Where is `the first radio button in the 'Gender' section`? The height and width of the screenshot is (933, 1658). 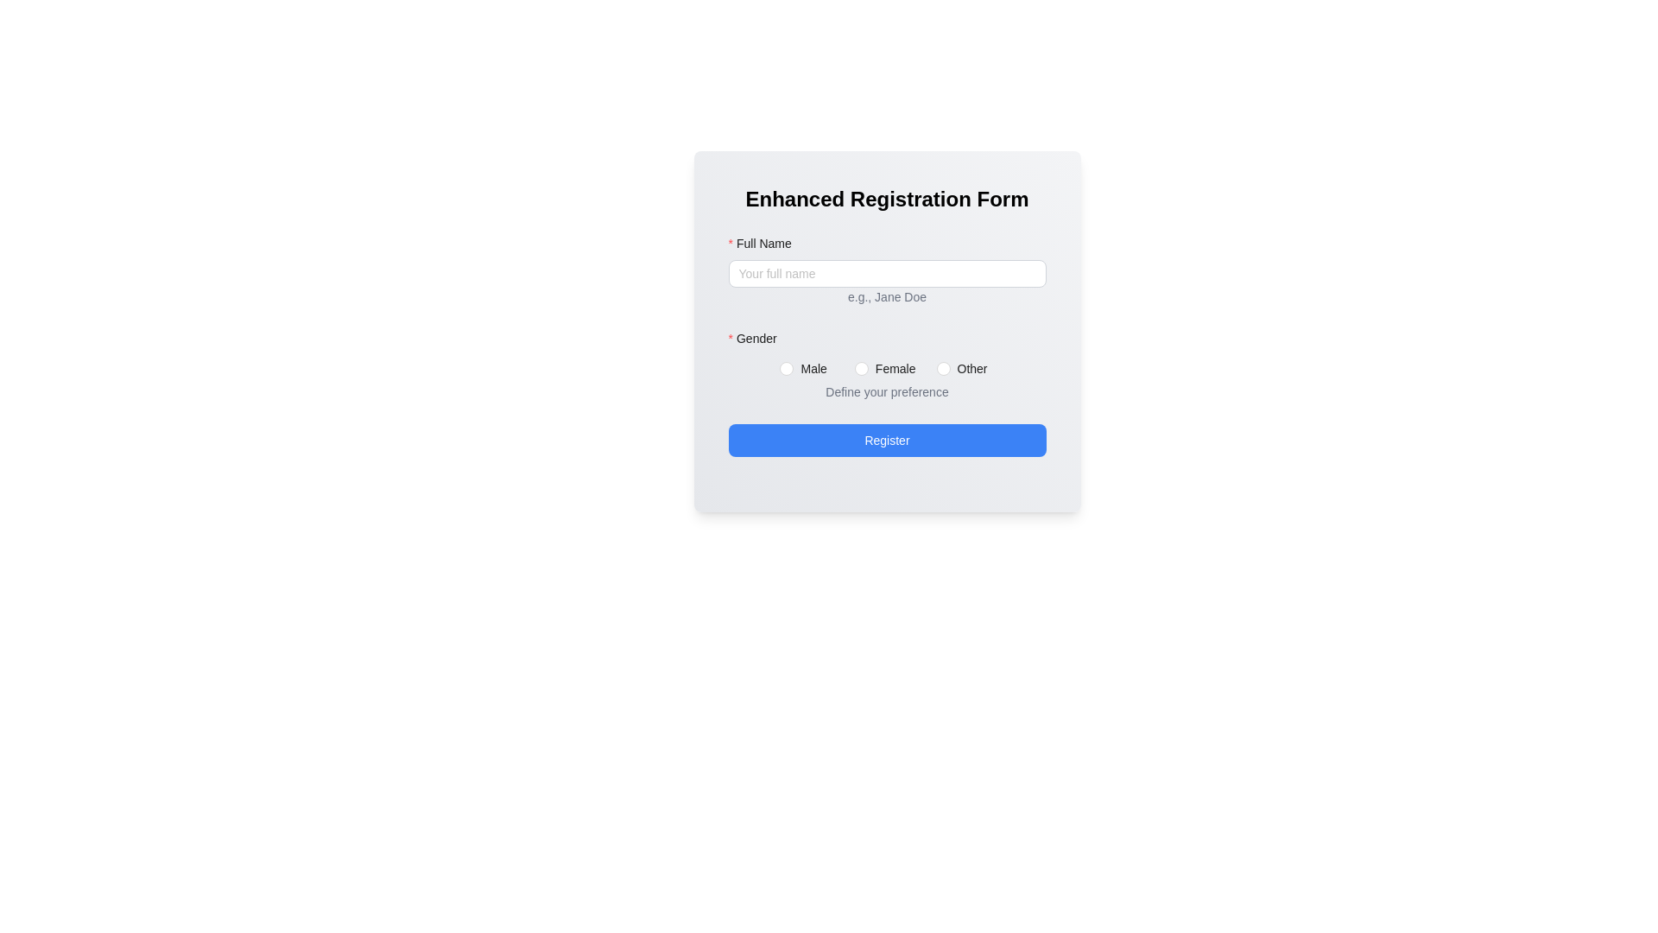
the first radio button in the 'Gender' section is located at coordinates (806, 368).